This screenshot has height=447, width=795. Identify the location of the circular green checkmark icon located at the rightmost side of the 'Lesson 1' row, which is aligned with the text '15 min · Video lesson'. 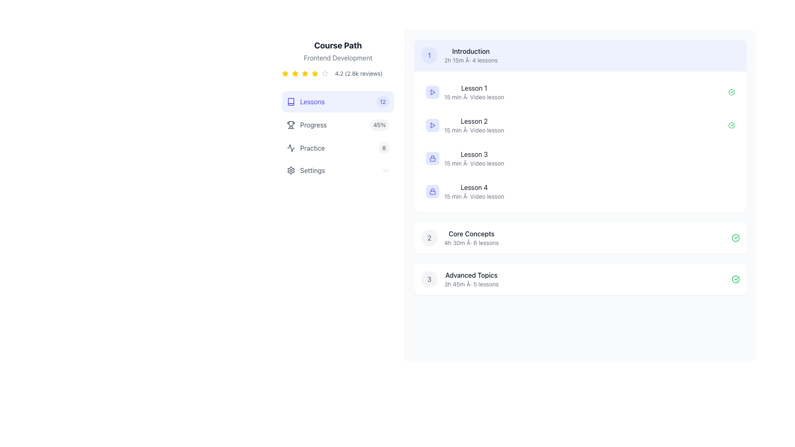
(731, 92).